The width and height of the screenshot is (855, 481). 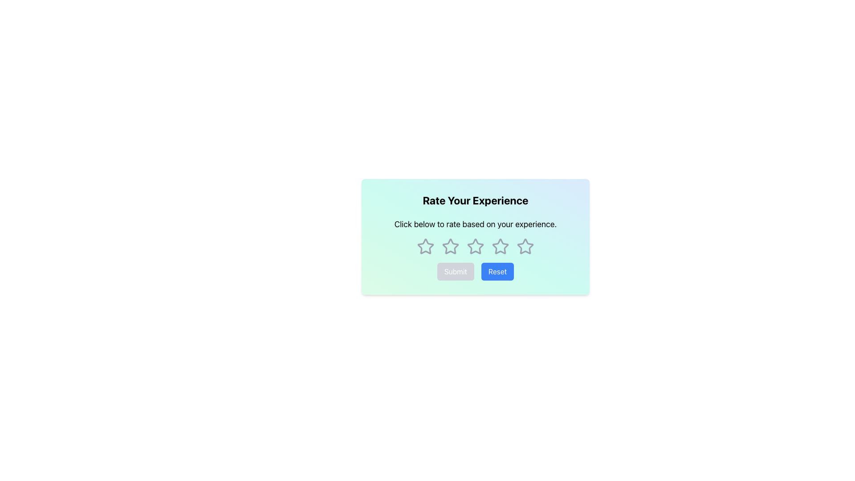 I want to click on the fifth star-shaped rating icon, which is gray and part of a rating system, to observe its hover effect, so click(x=500, y=247).